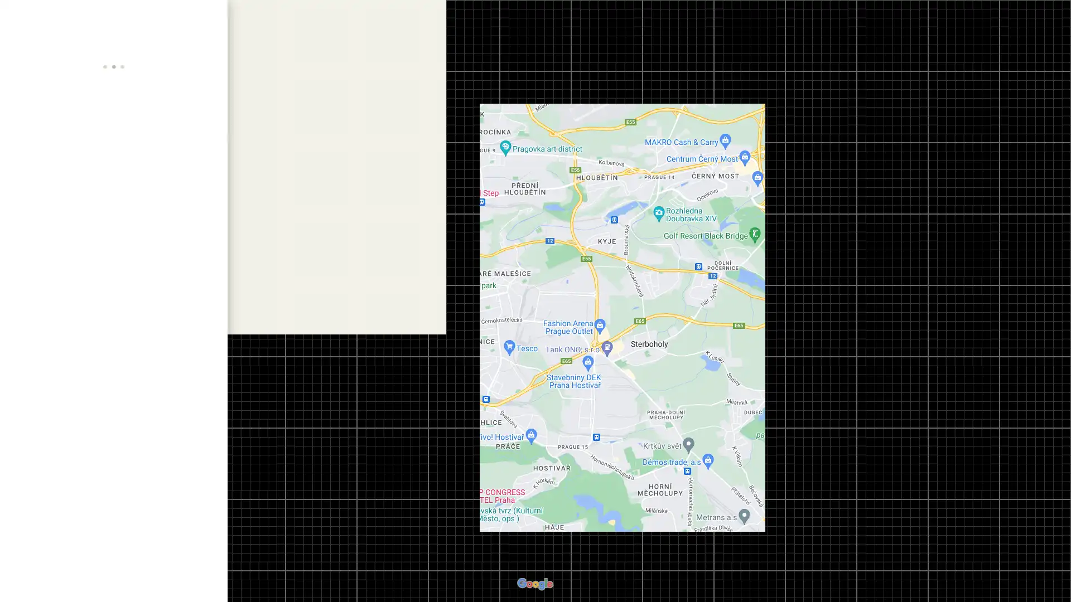 The height and width of the screenshot is (602, 1071). I want to click on Send TOVARNA.CZ, s.r.o. to your phone, so click(153, 222).